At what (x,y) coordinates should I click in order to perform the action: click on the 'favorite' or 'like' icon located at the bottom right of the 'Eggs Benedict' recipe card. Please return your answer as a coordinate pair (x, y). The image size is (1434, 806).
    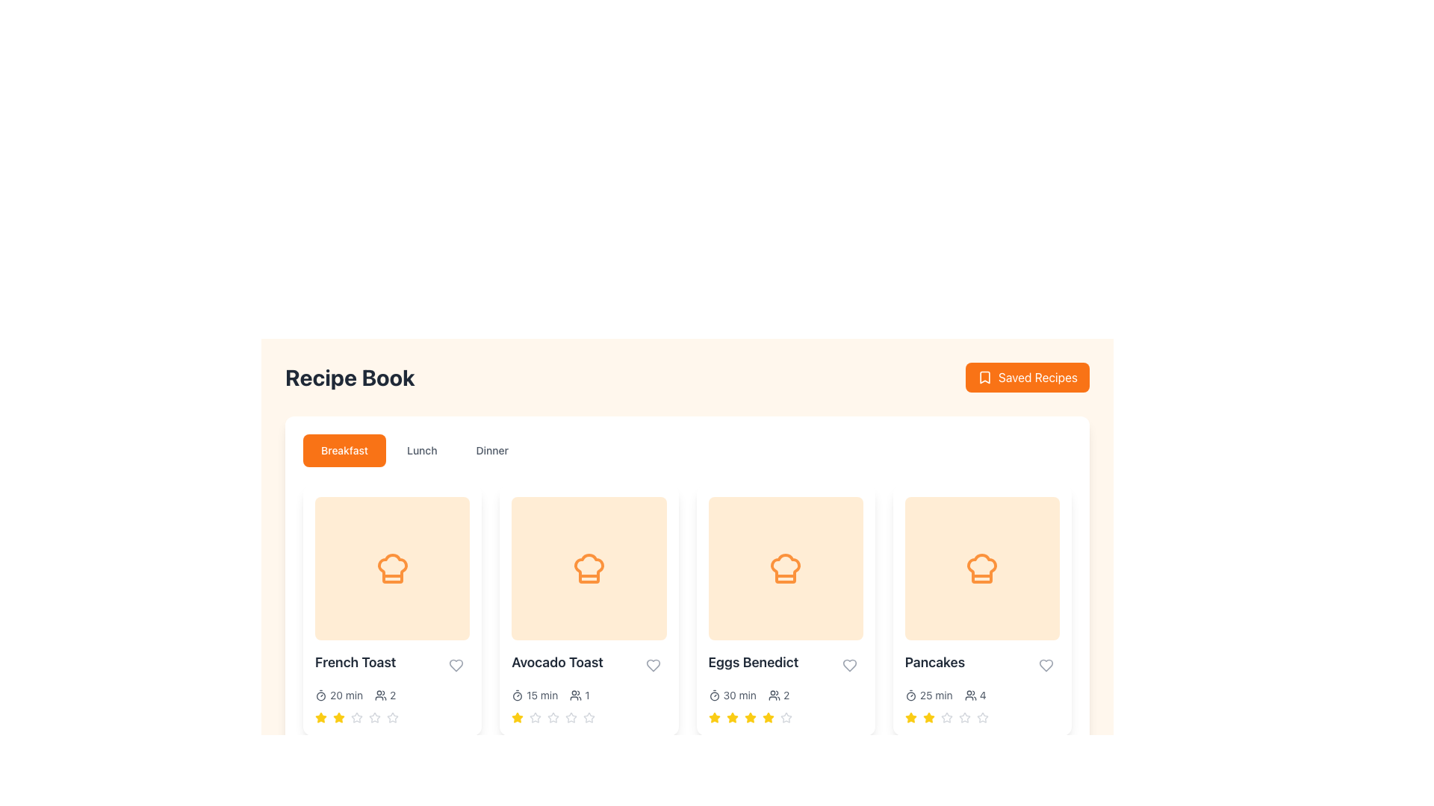
    Looking at the image, I should click on (849, 664).